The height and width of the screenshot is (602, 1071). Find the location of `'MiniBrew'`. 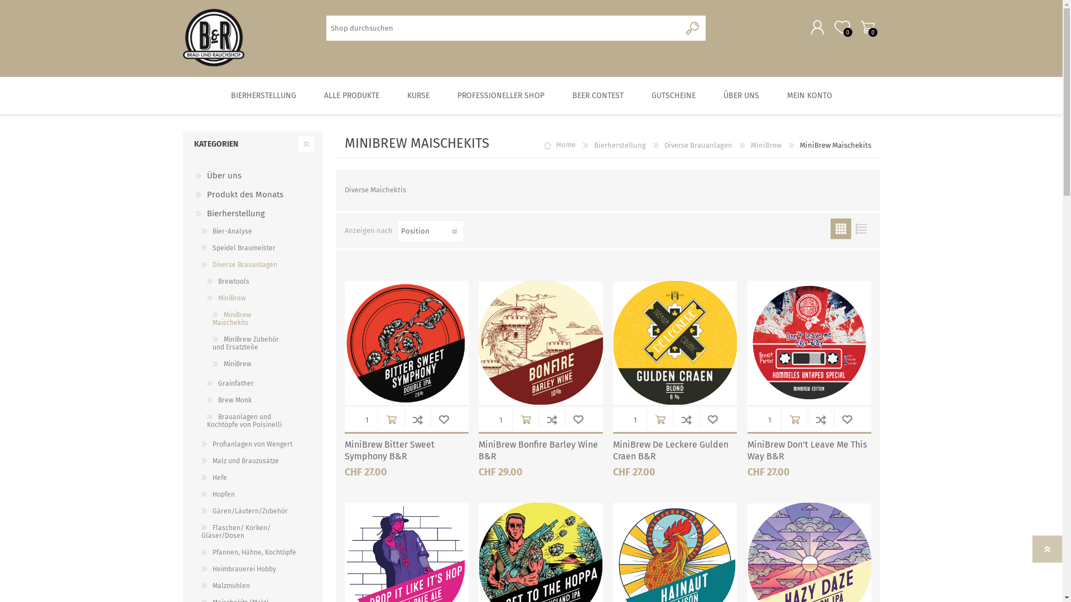

'MiniBrew' is located at coordinates (765, 144).